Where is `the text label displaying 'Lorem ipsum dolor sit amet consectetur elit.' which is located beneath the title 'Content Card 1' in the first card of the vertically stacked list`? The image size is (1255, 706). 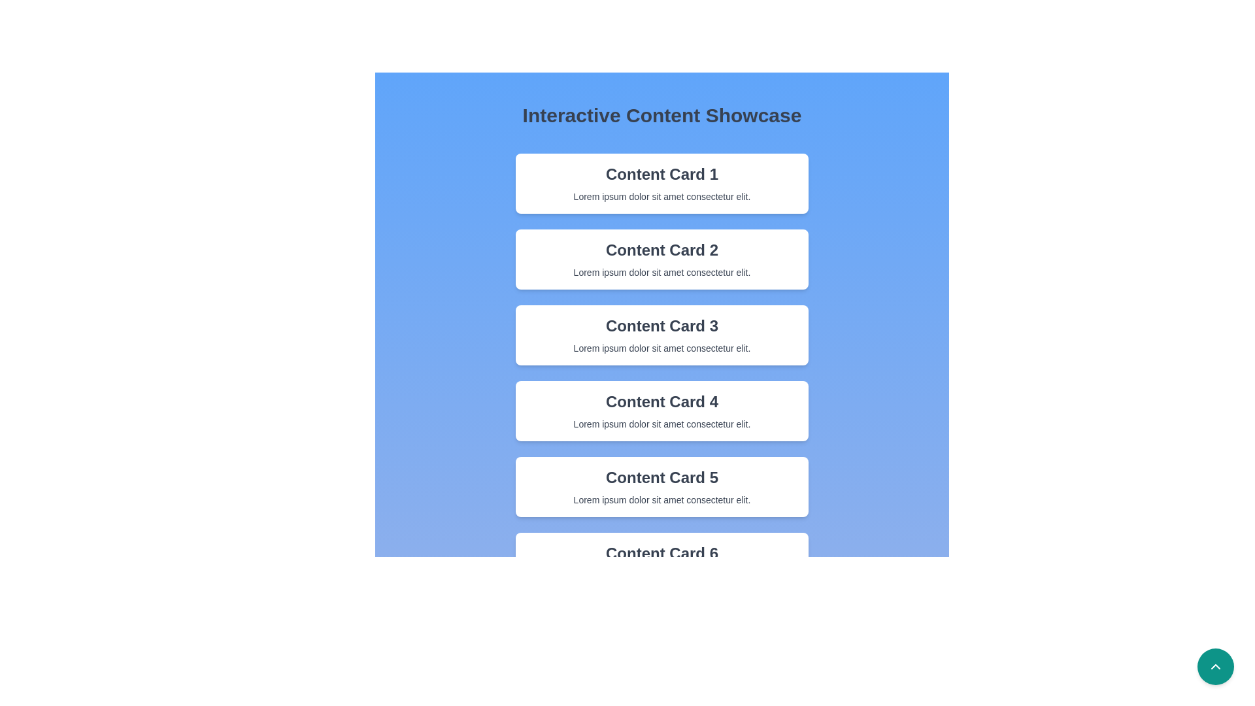 the text label displaying 'Lorem ipsum dolor sit amet consectetur elit.' which is located beneath the title 'Content Card 1' in the first card of the vertically stacked list is located at coordinates (661, 196).